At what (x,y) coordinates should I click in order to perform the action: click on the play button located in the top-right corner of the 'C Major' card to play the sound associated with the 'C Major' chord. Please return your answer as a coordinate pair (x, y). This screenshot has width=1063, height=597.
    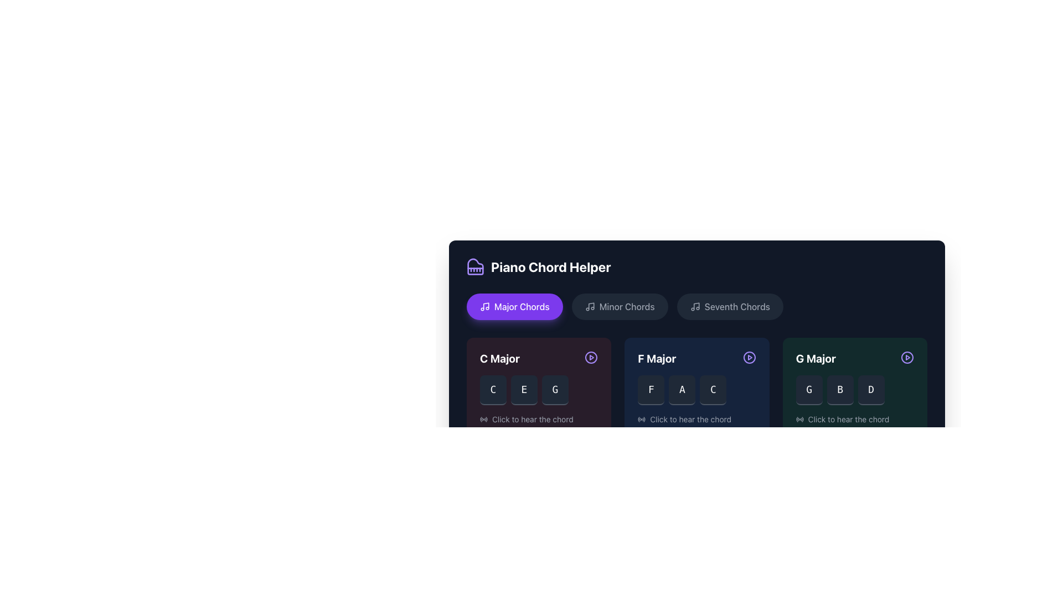
    Looking at the image, I should click on (591, 358).